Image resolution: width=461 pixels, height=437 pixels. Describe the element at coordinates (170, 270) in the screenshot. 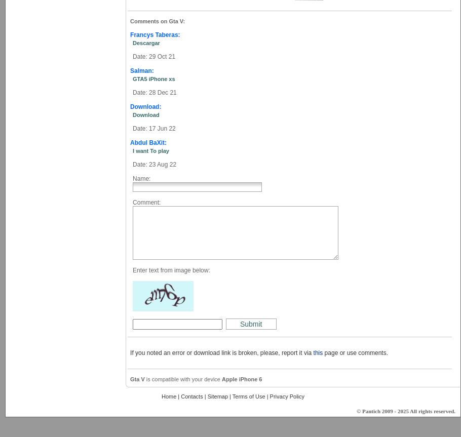

I see `'Enter text from image below:'` at that location.